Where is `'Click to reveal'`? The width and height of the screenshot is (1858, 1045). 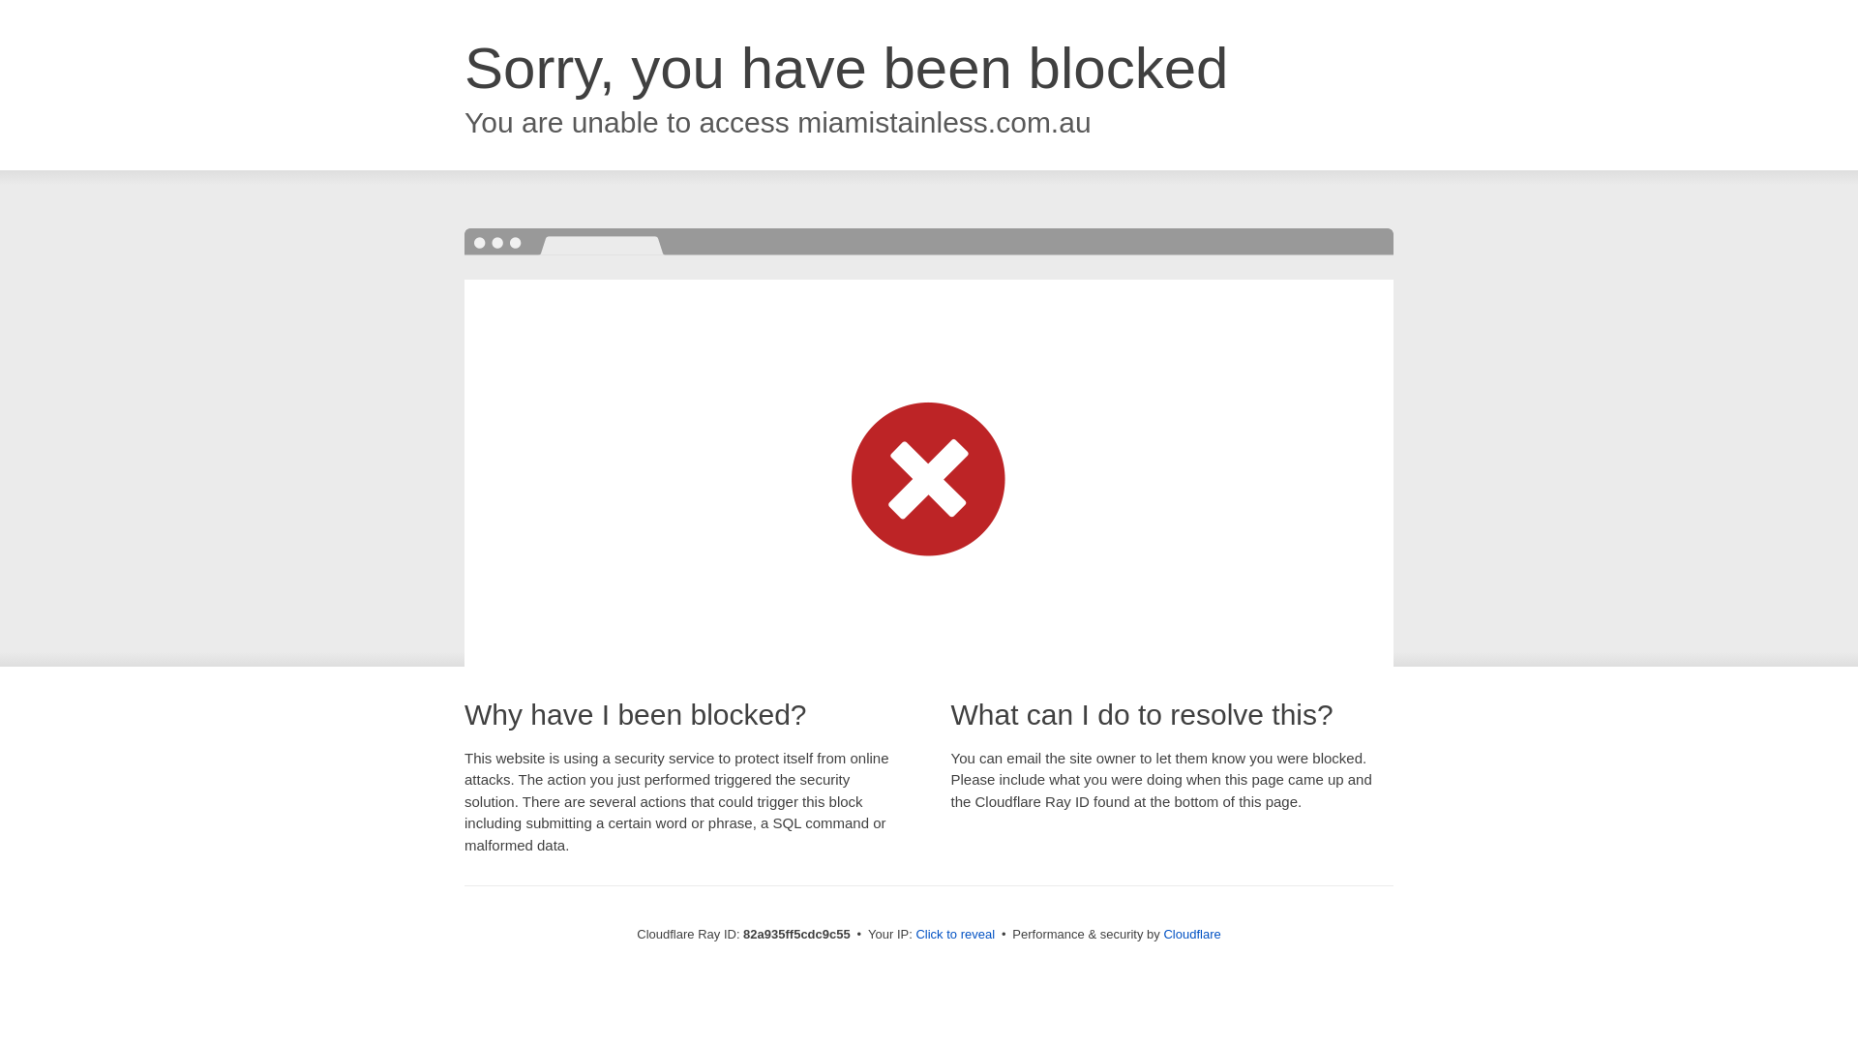 'Click to reveal' is located at coordinates (955, 933).